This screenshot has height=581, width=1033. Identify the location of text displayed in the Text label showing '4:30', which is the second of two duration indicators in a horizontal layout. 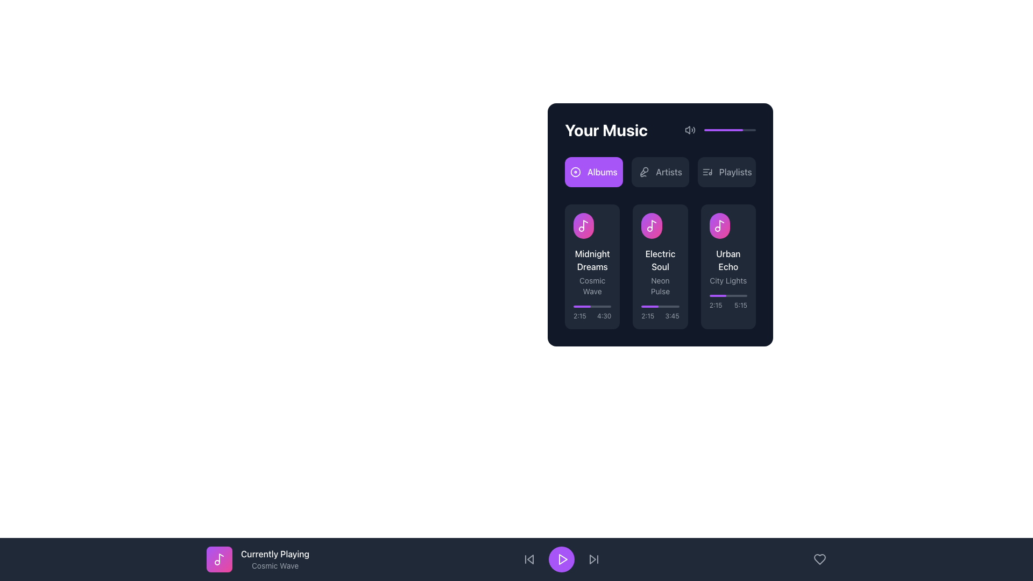
(604, 315).